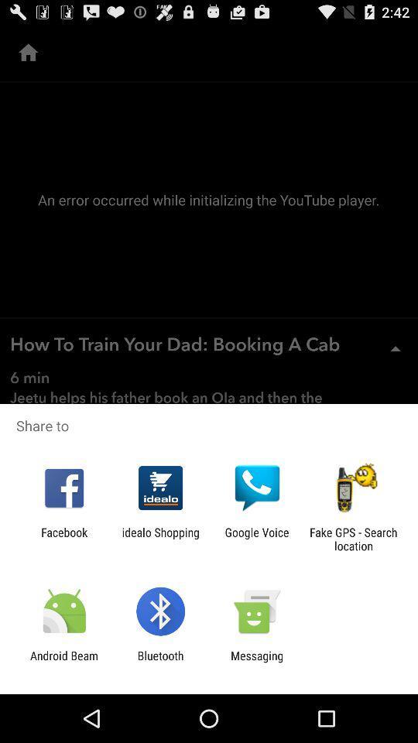  Describe the element at coordinates (63, 539) in the screenshot. I see `item to the left of idealo shopping app` at that location.